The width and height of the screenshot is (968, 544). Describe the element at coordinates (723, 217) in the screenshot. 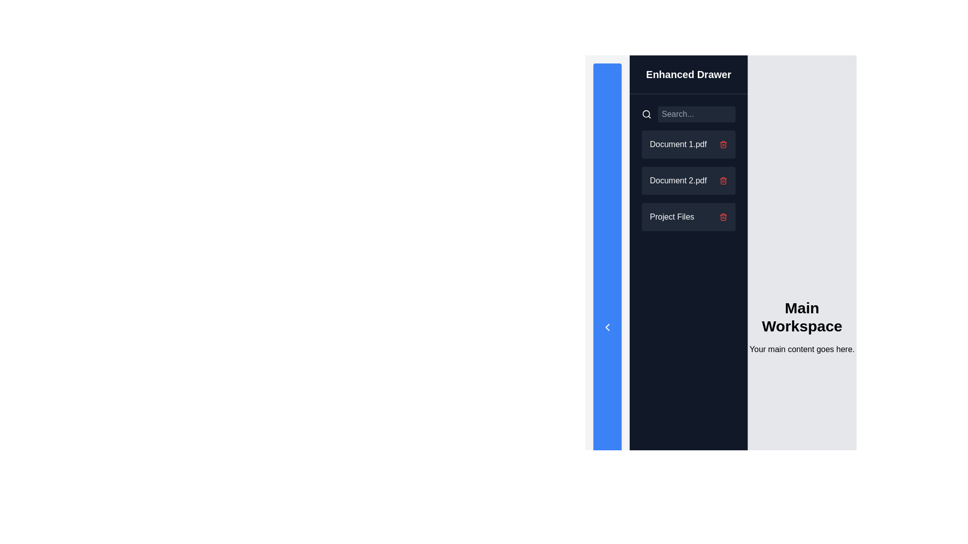

I see `the delete button located to the far right of the 'Project Files' label, which allows the user to remove the associated entry` at that location.